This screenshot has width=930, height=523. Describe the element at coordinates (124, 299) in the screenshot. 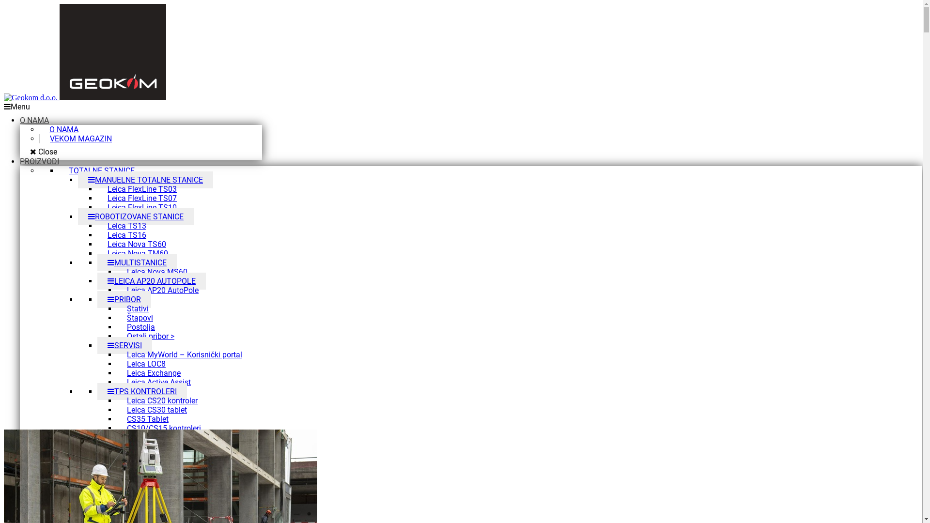

I see `'PRIBOR'` at that location.